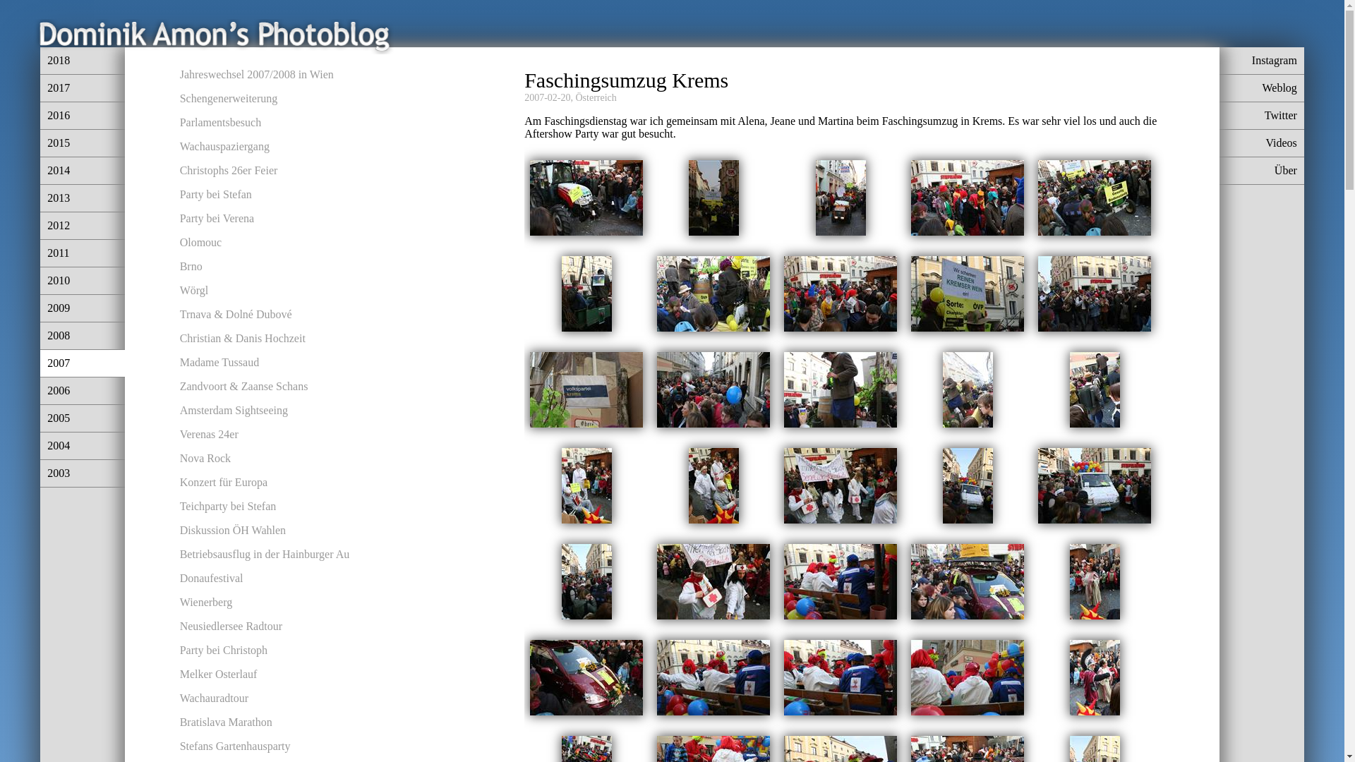 This screenshot has width=1355, height=762. What do you see at coordinates (205, 602) in the screenshot?
I see `'Wienerberg'` at bounding box center [205, 602].